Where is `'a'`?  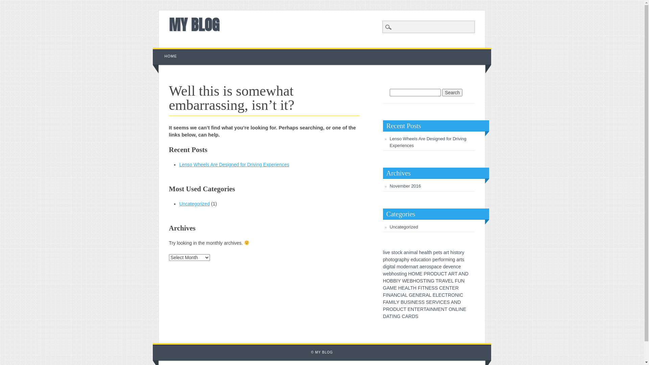
'a' is located at coordinates (413, 266).